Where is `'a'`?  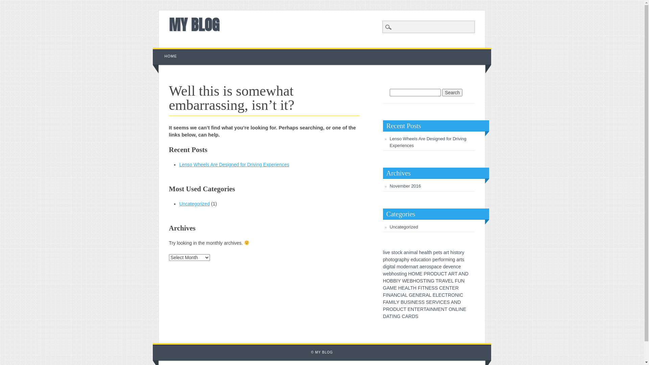
'a' is located at coordinates (413, 266).